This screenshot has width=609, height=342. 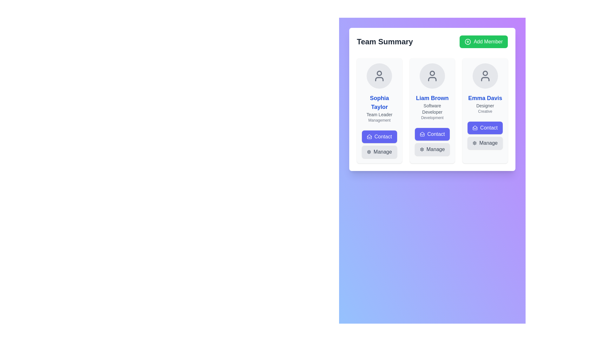 I want to click on the 'Add Member' button located in the top-right corner of the 'Team Summary' section to initiate adding a new member, so click(x=483, y=41).